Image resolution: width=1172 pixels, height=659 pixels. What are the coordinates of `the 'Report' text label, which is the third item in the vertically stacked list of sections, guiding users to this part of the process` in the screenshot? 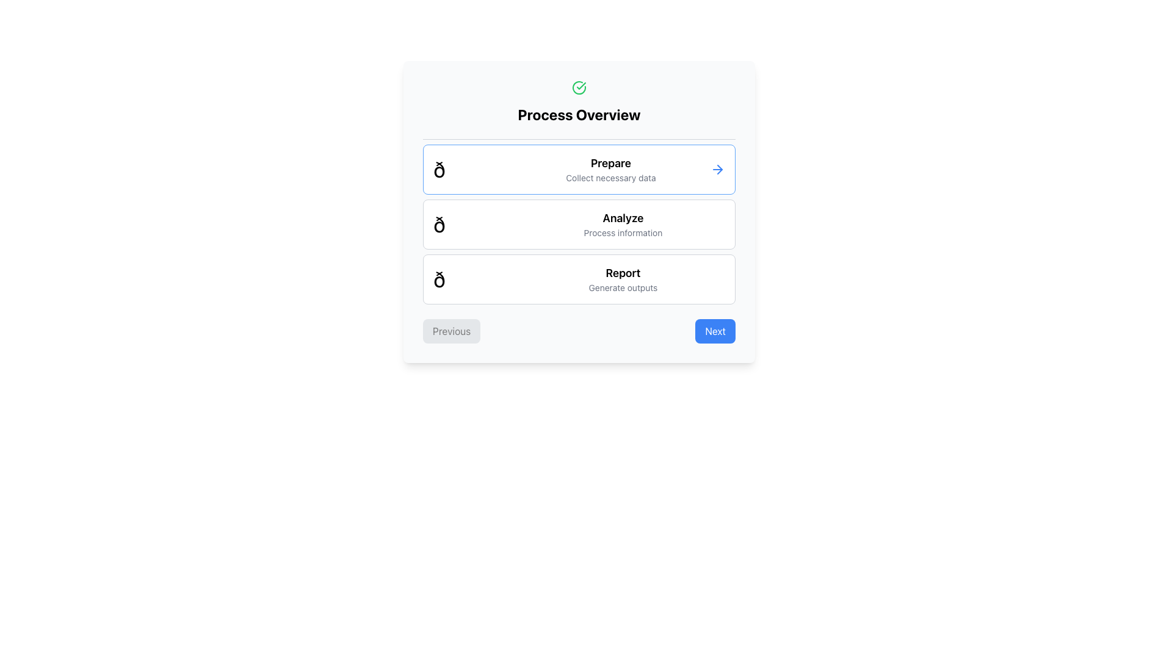 It's located at (623, 272).